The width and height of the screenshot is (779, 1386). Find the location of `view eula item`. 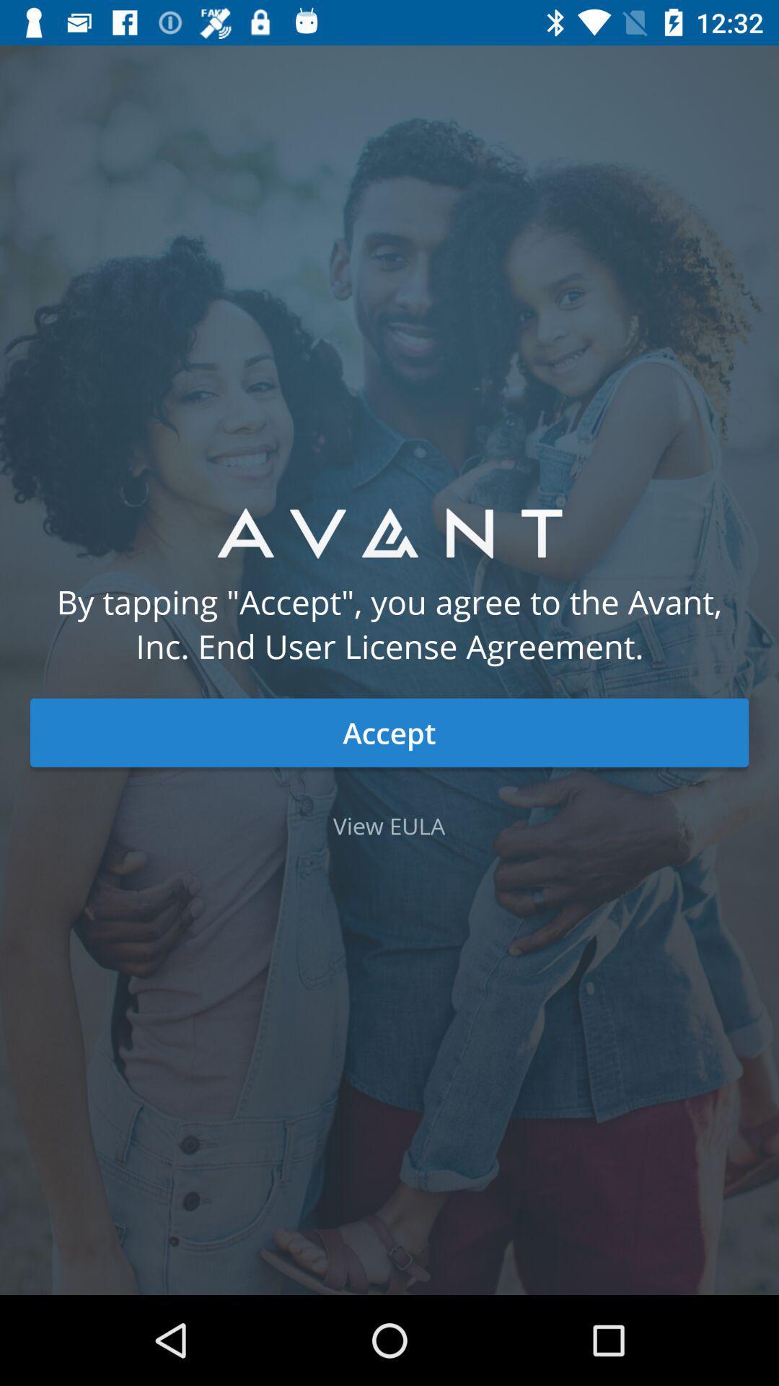

view eula item is located at coordinates (388, 826).